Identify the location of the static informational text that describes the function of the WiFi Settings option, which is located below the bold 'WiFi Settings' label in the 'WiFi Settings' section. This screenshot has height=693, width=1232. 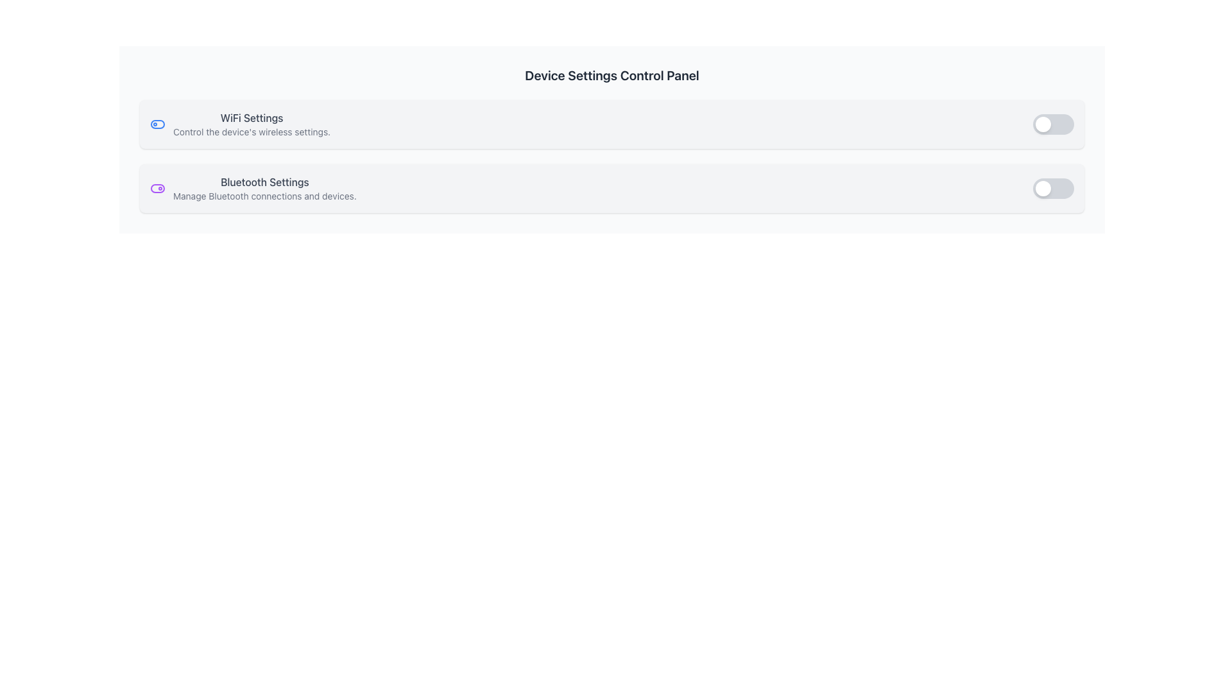
(252, 132).